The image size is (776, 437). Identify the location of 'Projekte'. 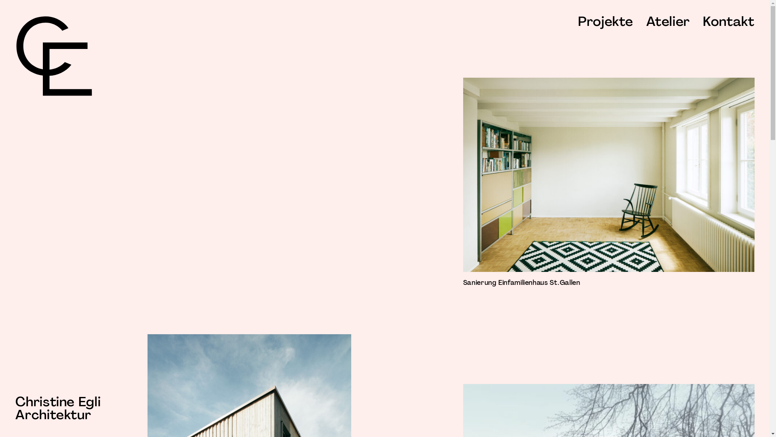
(578, 21).